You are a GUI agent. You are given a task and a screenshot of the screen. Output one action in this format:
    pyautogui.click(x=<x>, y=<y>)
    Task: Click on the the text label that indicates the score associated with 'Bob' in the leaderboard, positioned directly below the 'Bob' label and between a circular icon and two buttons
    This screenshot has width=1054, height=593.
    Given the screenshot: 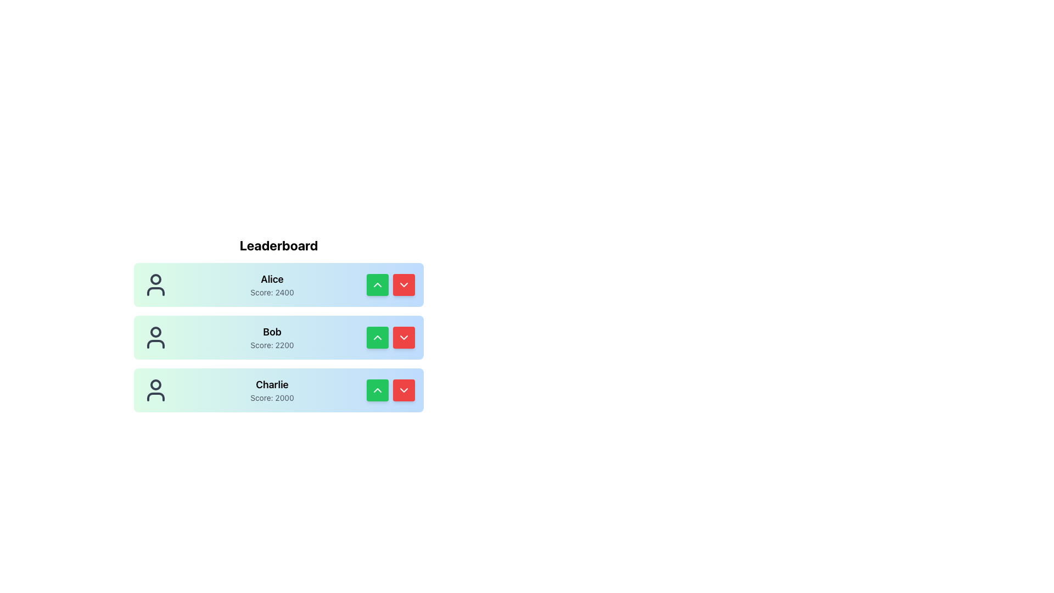 What is the action you would take?
    pyautogui.click(x=272, y=344)
    